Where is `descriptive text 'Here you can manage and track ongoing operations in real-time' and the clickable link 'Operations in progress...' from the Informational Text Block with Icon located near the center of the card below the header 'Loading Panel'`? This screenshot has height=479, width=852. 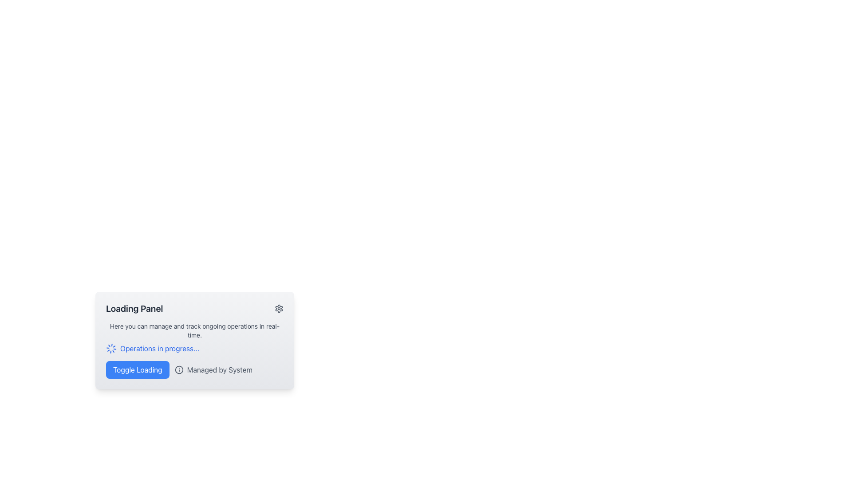 descriptive text 'Here you can manage and track ongoing operations in real-time' and the clickable link 'Operations in progress...' from the Informational Text Block with Icon located near the center of the card below the header 'Loading Panel' is located at coordinates (194, 338).